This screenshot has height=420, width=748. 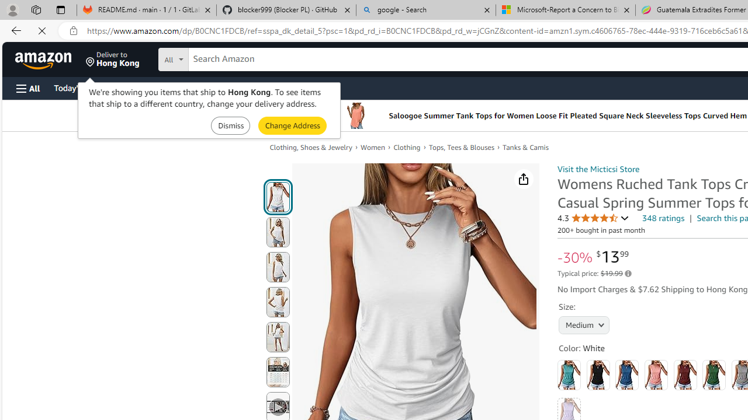 I want to click on 'Search in', so click(x=217, y=58).